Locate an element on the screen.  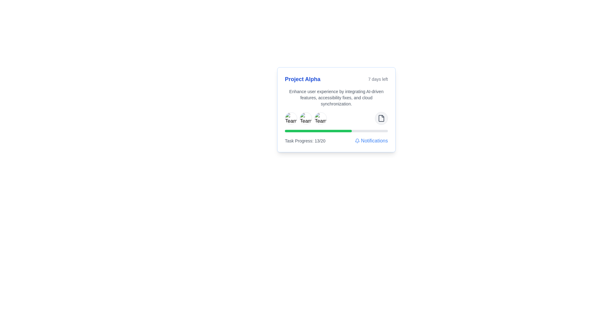
the text block displaying descriptive content styled with a small font size and medium gray color, located below the title 'Project Alpha' is located at coordinates (336, 97).